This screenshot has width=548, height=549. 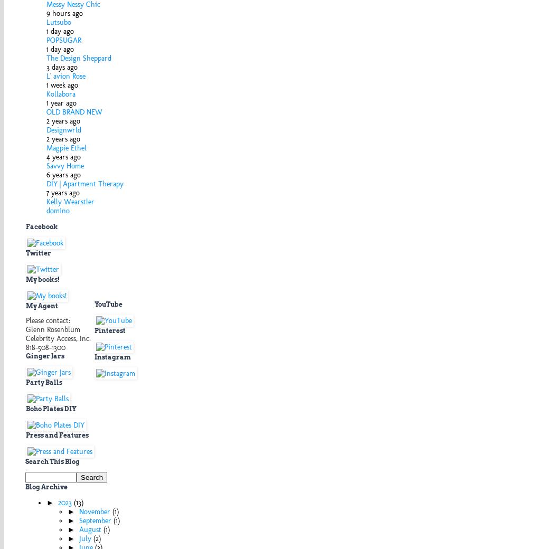 What do you see at coordinates (46, 57) in the screenshot?
I see `'The Design Sheppard'` at bounding box center [46, 57].